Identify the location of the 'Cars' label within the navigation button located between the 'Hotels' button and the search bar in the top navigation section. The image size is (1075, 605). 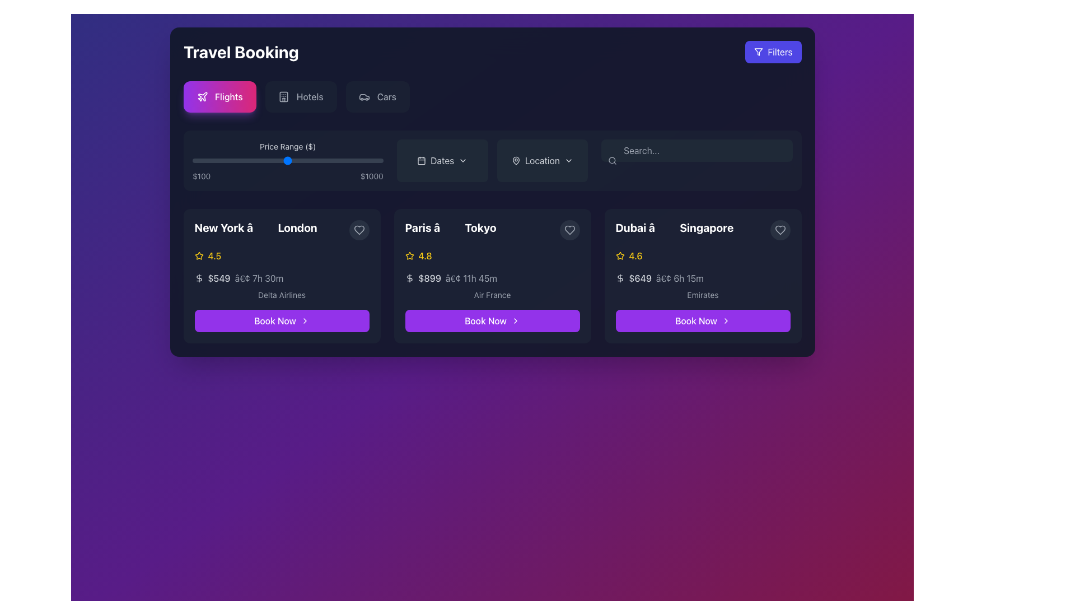
(386, 96).